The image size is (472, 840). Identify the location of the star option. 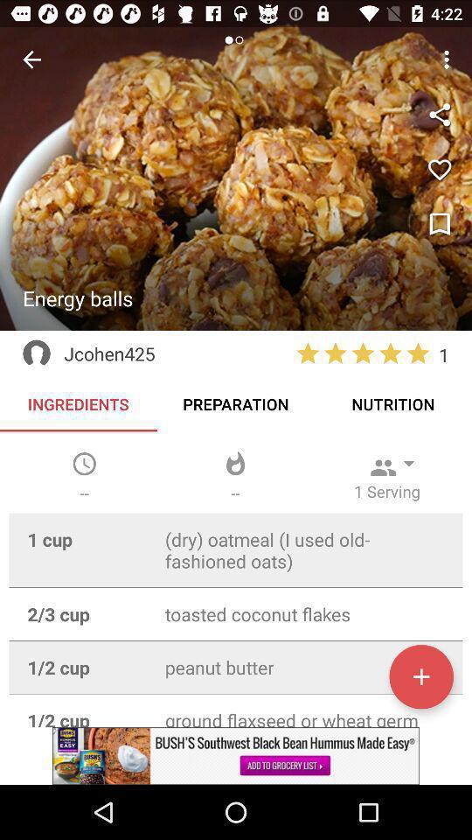
(307, 353).